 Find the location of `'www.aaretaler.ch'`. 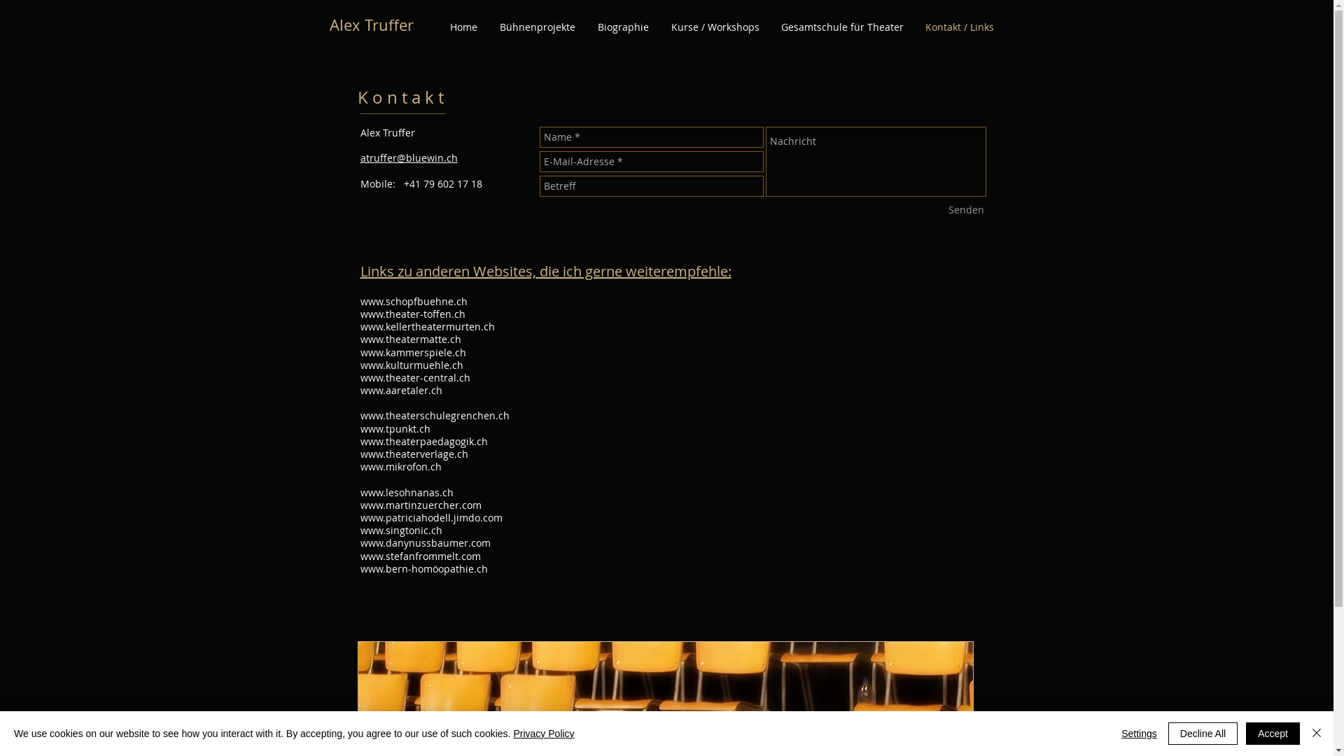

'www.aaretaler.ch' is located at coordinates (359, 390).